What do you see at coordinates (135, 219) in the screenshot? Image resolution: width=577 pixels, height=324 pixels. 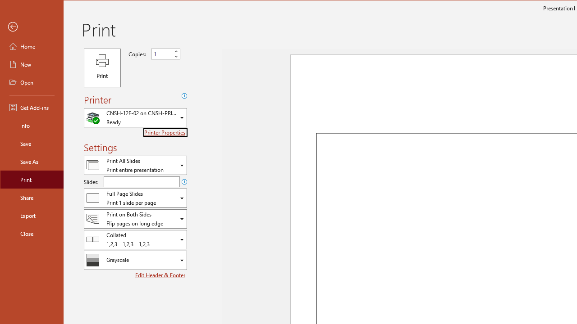 I see `'Two-Sided Printing'` at bounding box center [135, 219].